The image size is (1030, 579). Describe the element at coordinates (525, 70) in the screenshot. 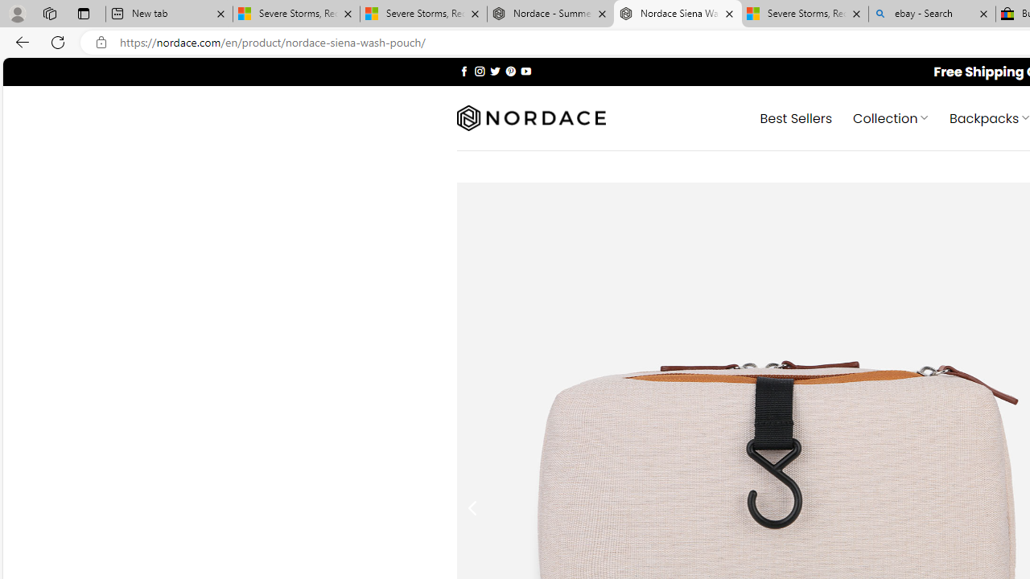

I see `'Follow on YouTube'` at that location.